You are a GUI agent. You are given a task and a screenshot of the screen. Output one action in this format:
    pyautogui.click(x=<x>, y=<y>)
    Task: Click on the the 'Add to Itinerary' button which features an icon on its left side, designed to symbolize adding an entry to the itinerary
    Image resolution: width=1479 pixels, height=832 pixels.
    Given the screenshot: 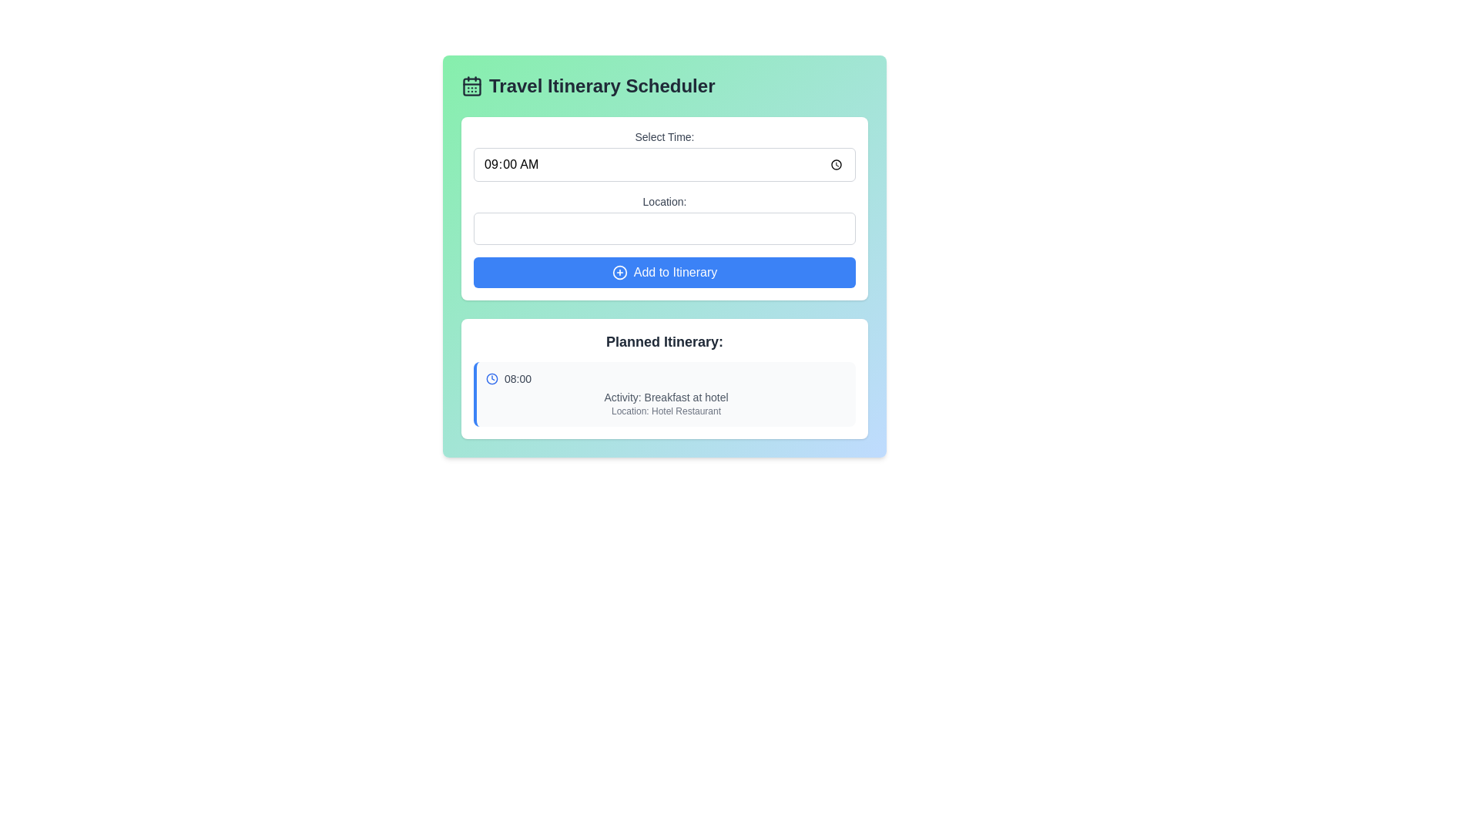 What is the action you would take?
    pyautogui.click(x=619, y=272)
    